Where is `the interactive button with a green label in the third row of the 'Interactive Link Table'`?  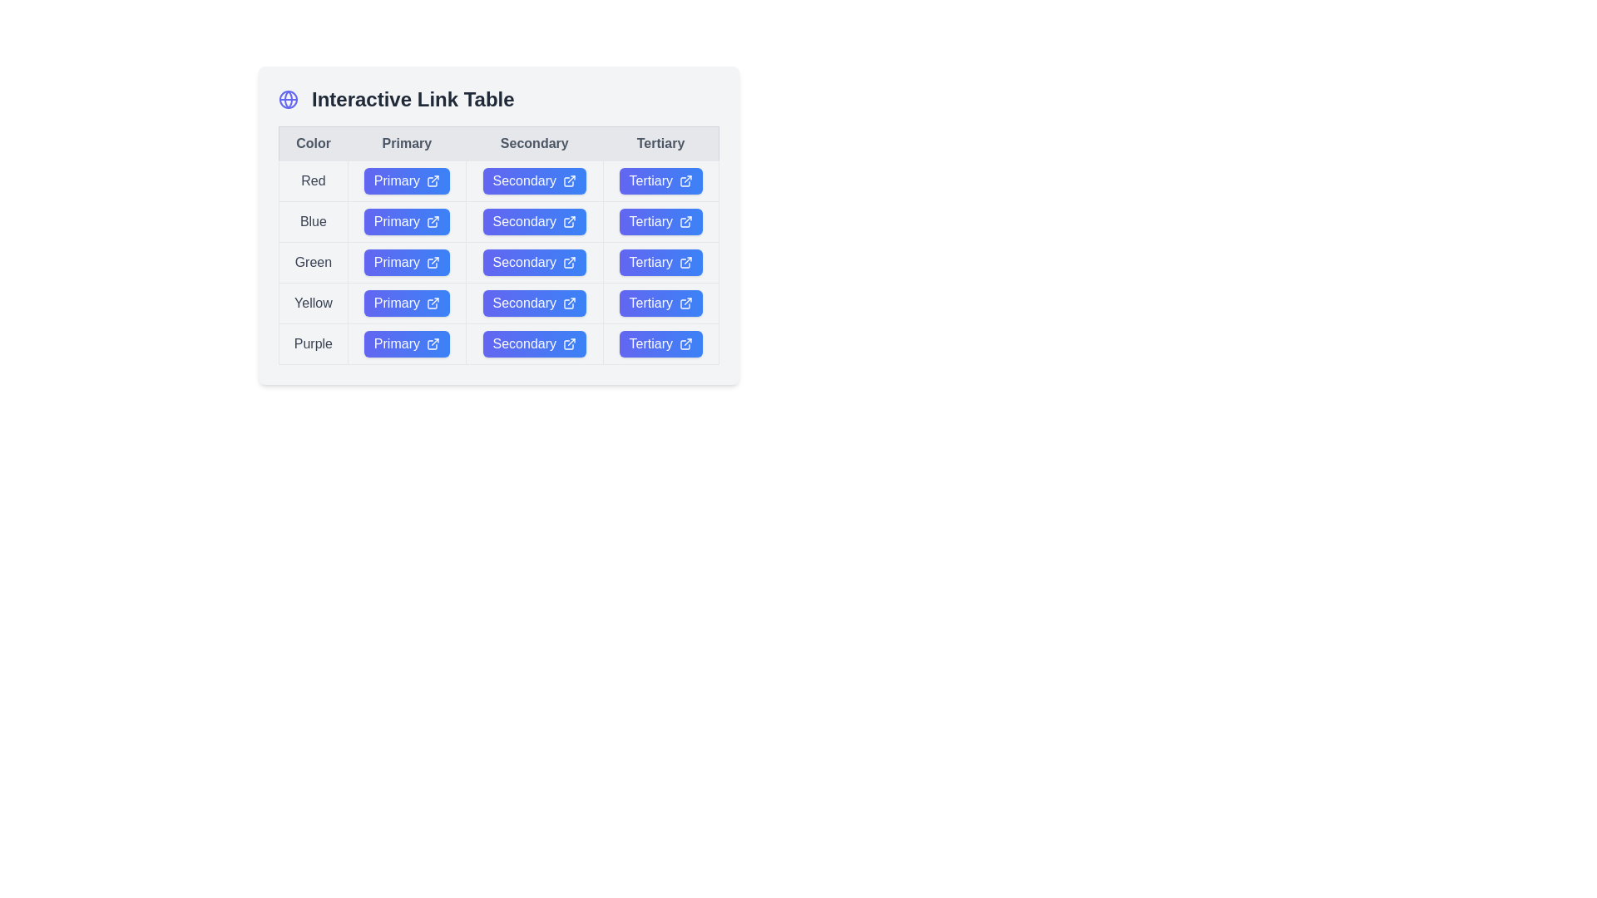 the interactive button with a green label in the third row of the 'Interactive Link Table' is located at coordinates (407, 262).